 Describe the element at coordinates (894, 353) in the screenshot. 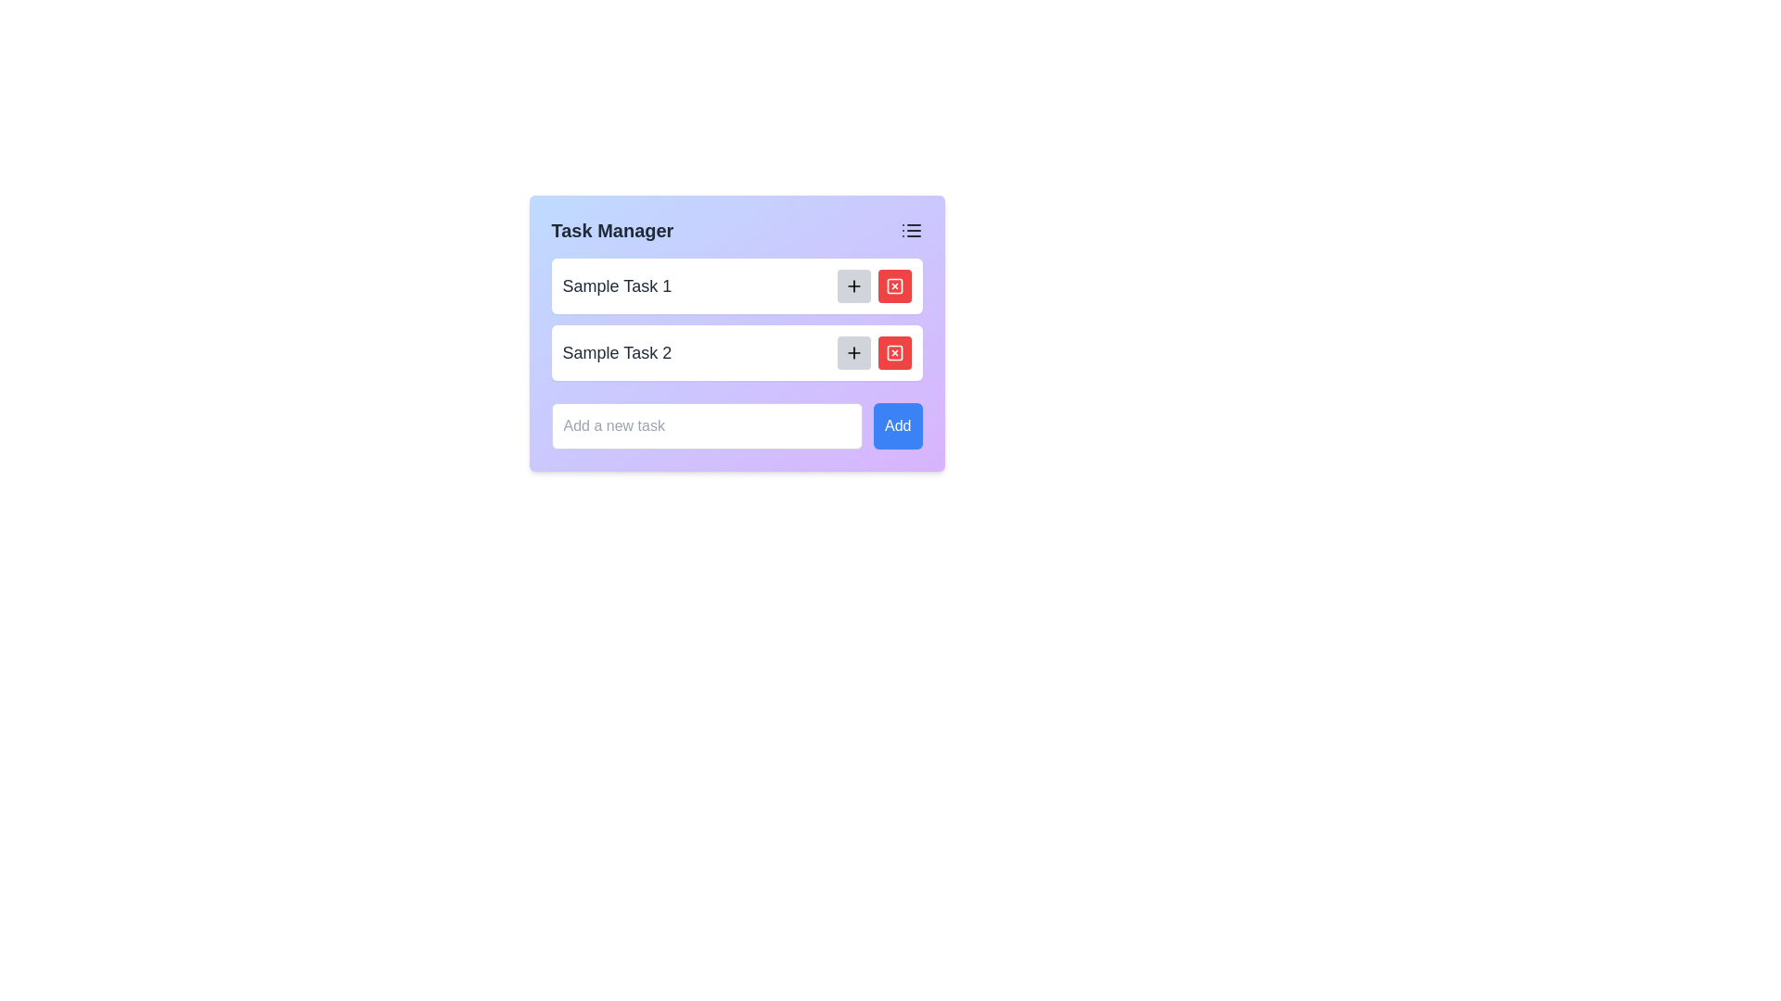

I see `the small, red rectangular button with rounded corners located at the bottom-right corner of the 'Sample Task 2' task box` at that location.